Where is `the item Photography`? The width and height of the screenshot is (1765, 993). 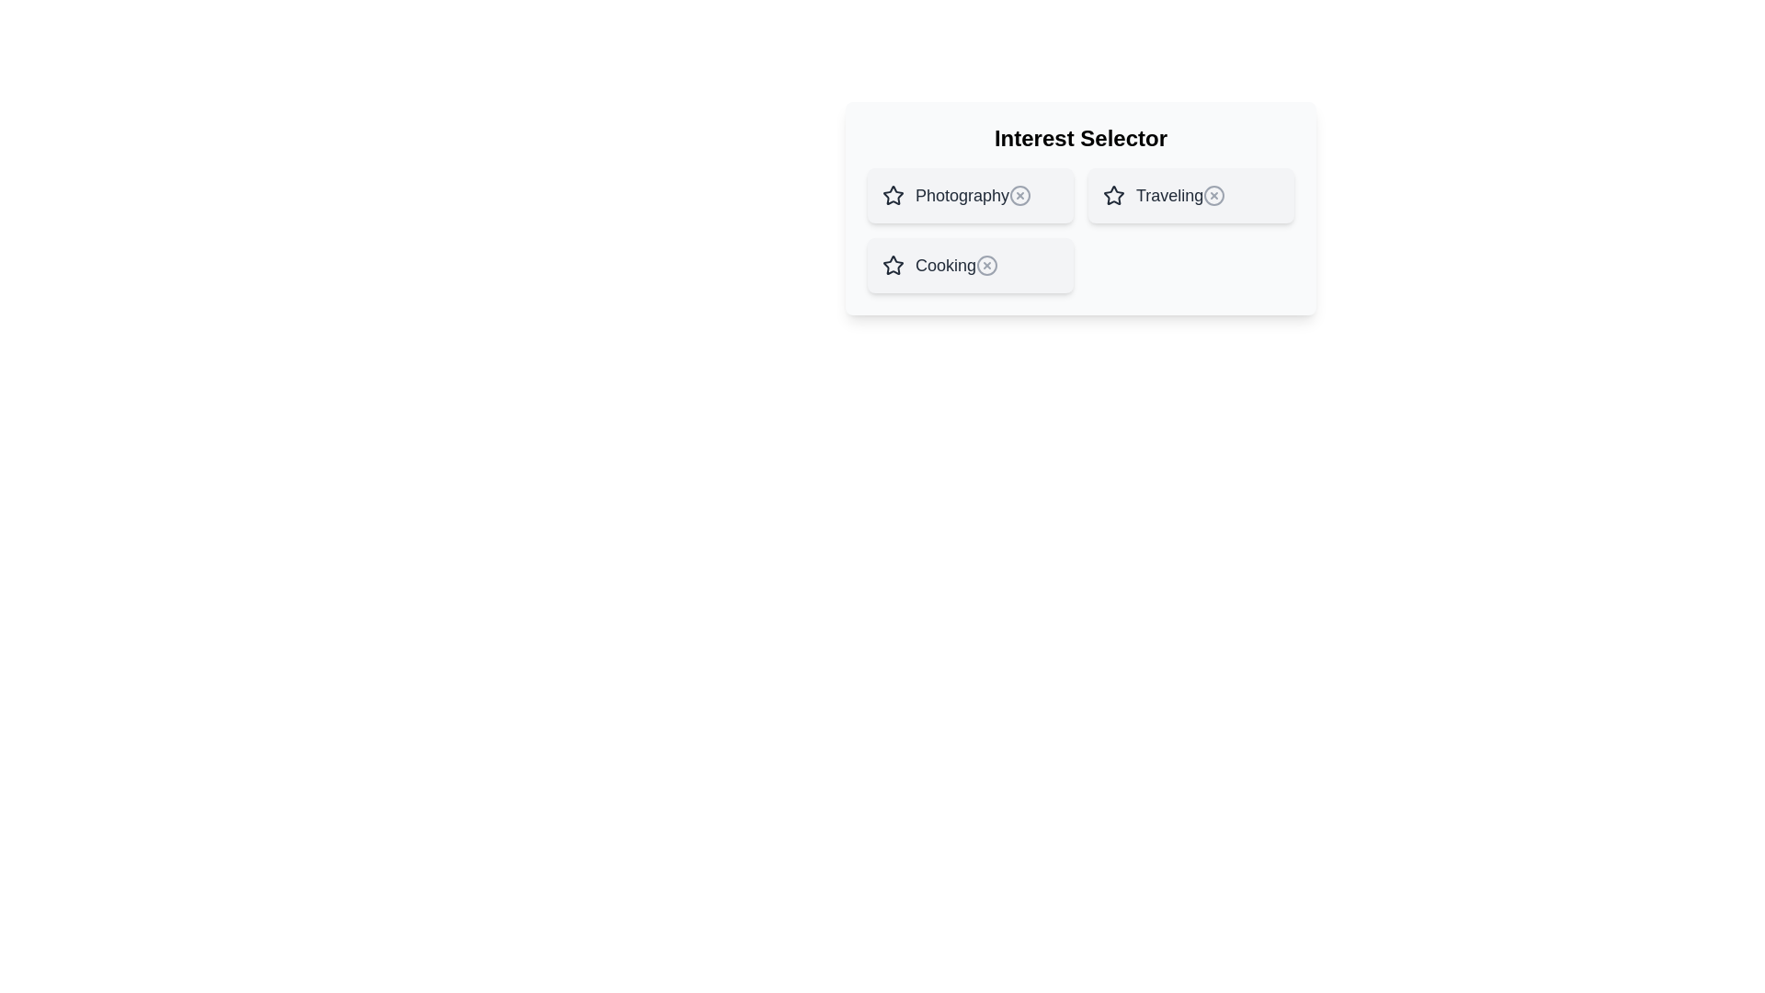 the item Photography is located at coordinates (970, 195).